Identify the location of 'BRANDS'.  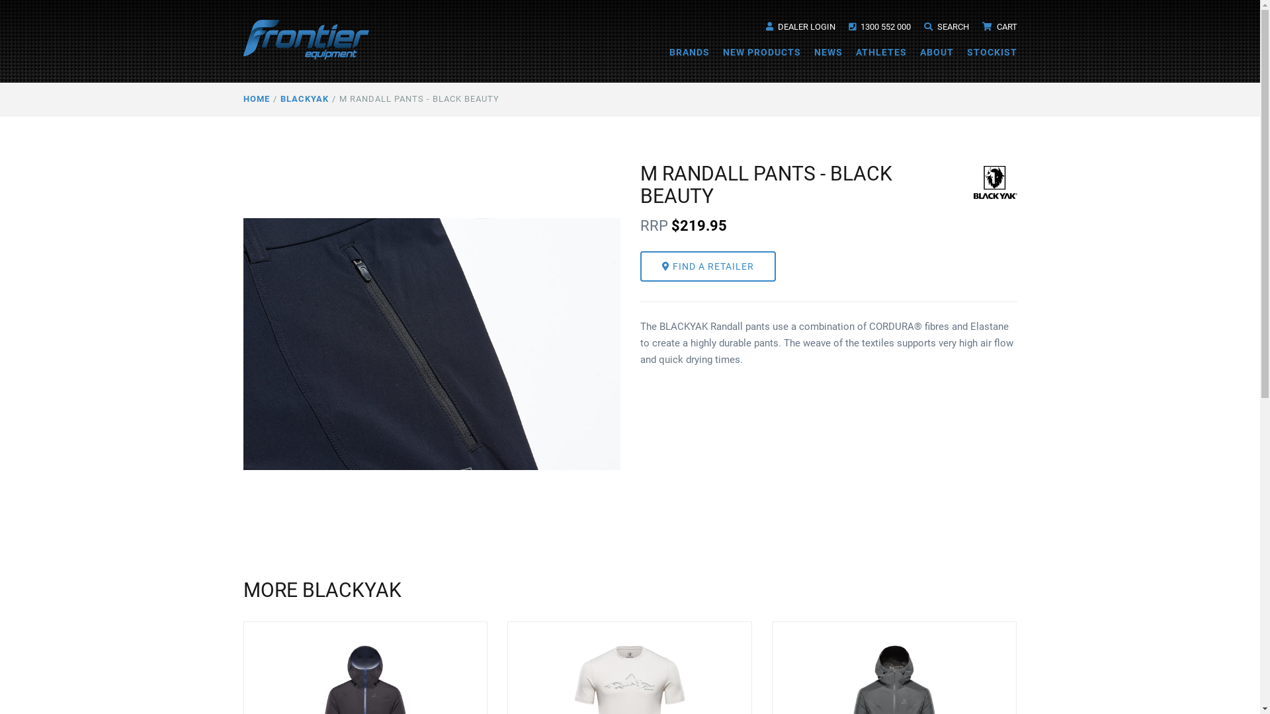
(689, 51).